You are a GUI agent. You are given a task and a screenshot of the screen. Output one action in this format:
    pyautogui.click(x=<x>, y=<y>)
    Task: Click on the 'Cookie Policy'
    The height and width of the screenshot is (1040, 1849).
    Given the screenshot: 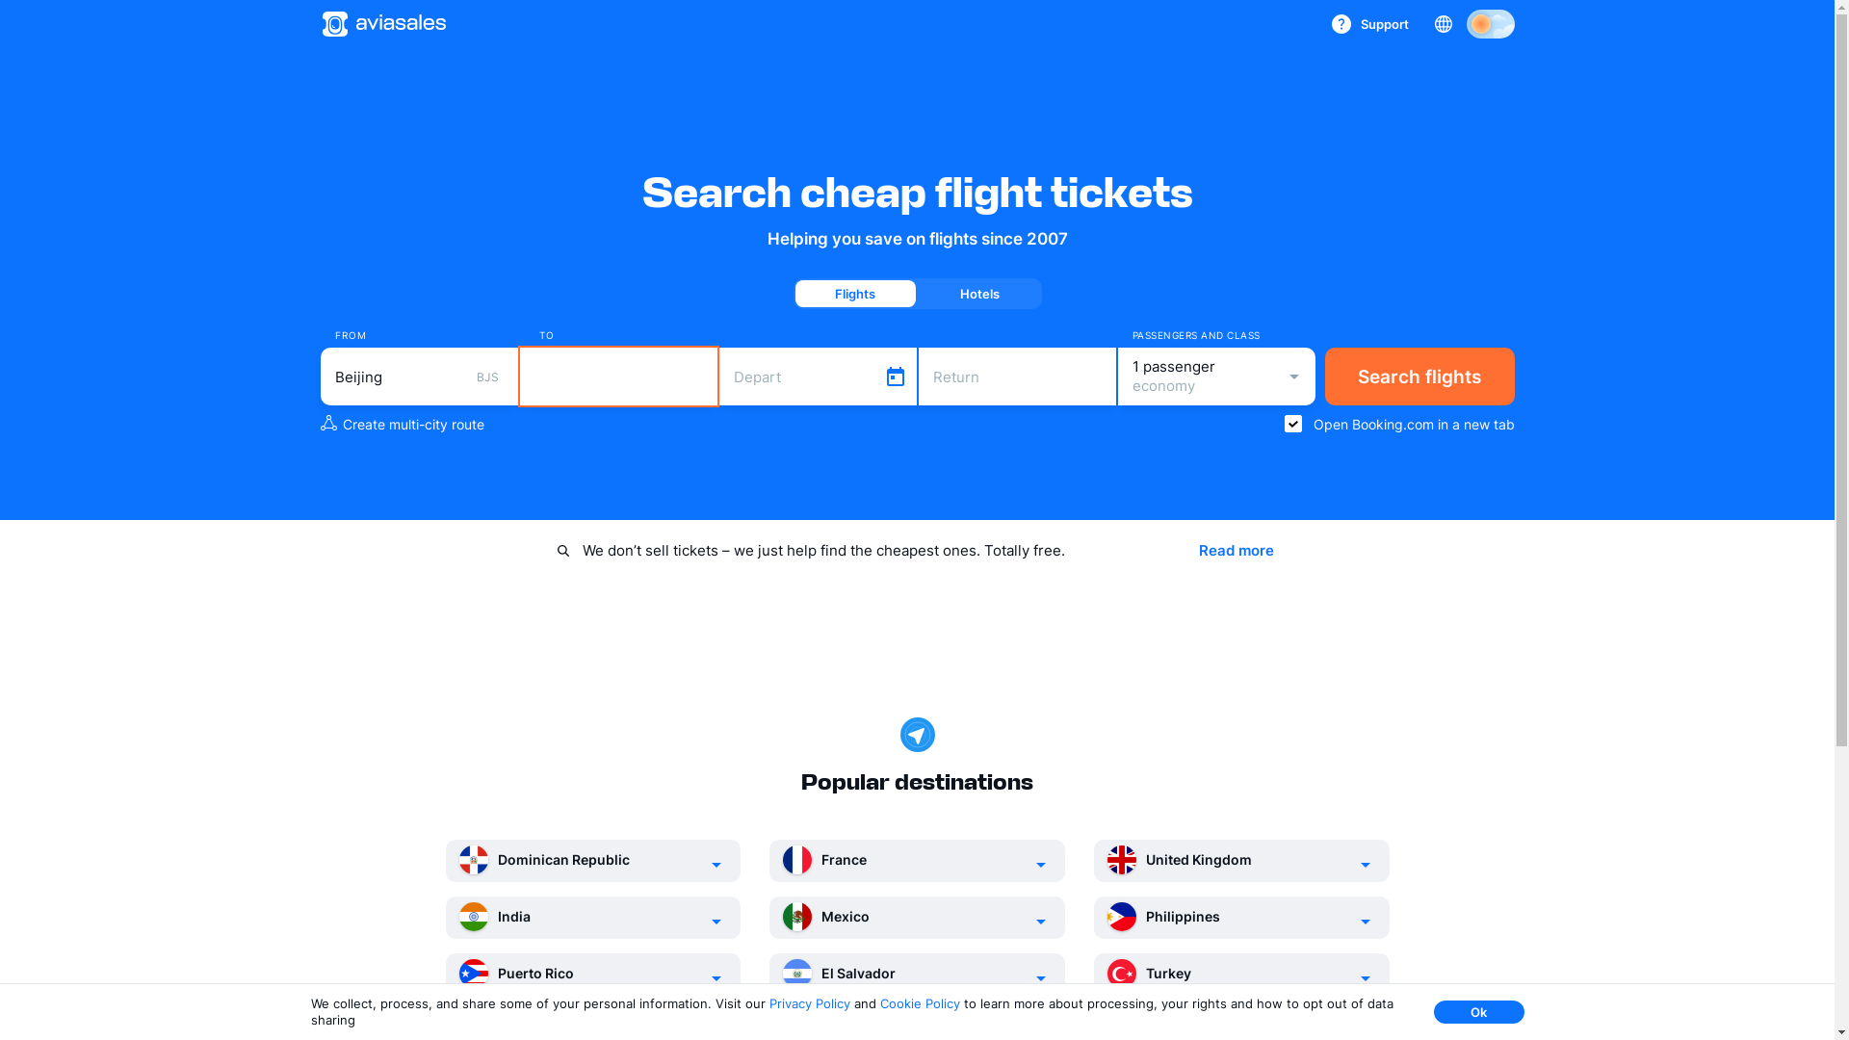 What is the action you would take?
    pyautogui.click(x=919, y=1001)
    